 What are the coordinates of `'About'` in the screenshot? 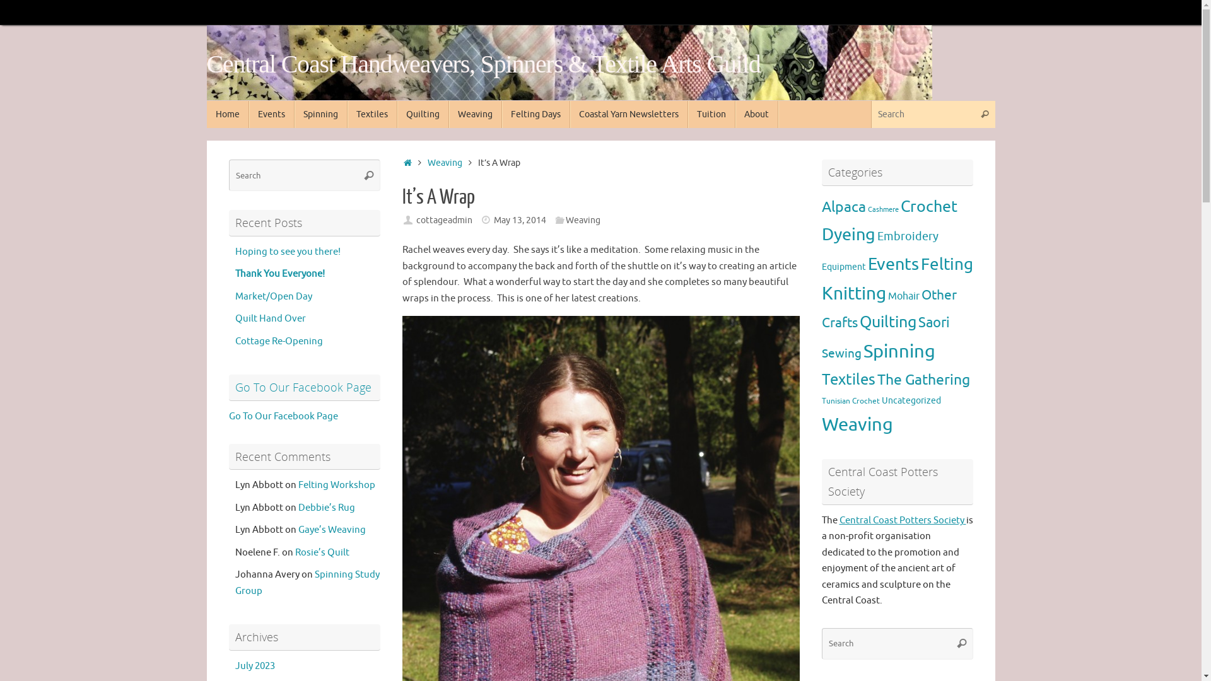 It's located at (757, 114).